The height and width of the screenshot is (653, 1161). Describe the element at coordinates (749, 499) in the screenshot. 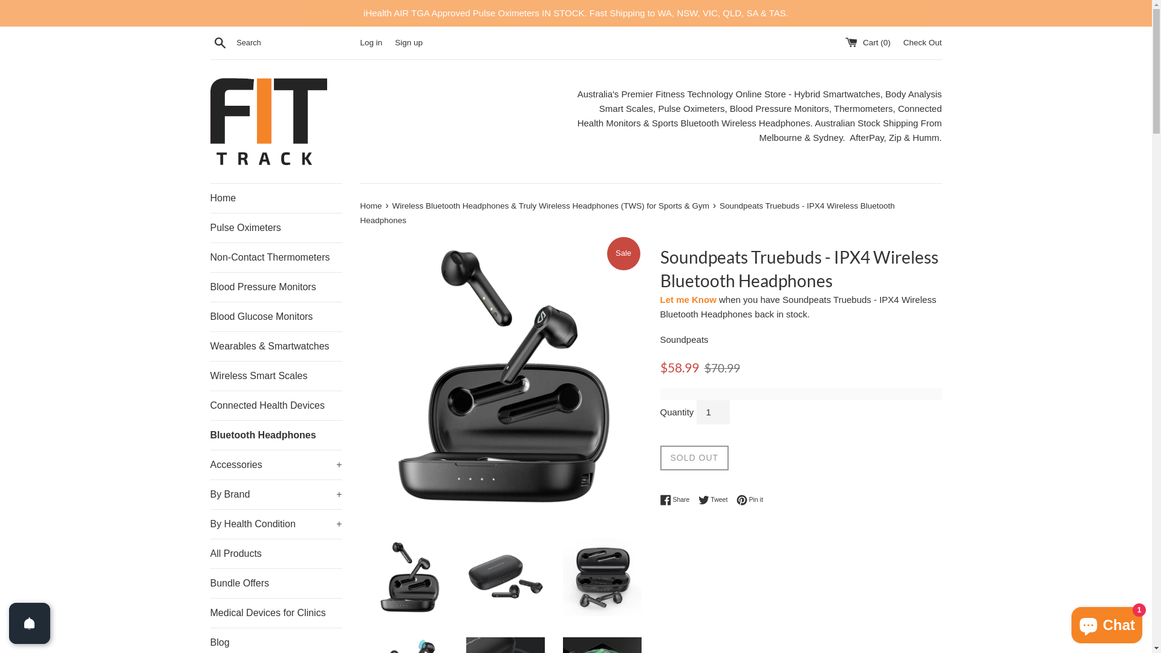

I see `'Pin it` at that location.